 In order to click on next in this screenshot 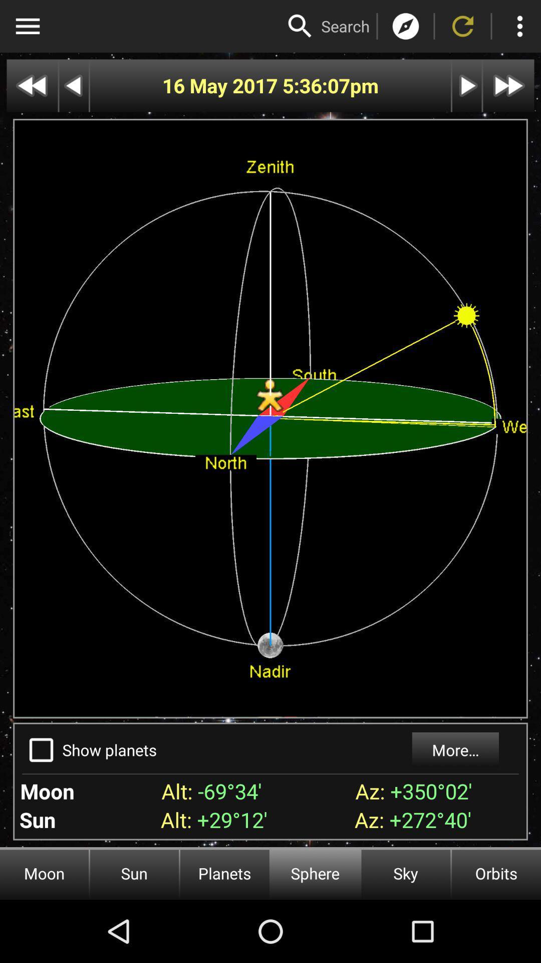, I will do `click(32, 86)`.